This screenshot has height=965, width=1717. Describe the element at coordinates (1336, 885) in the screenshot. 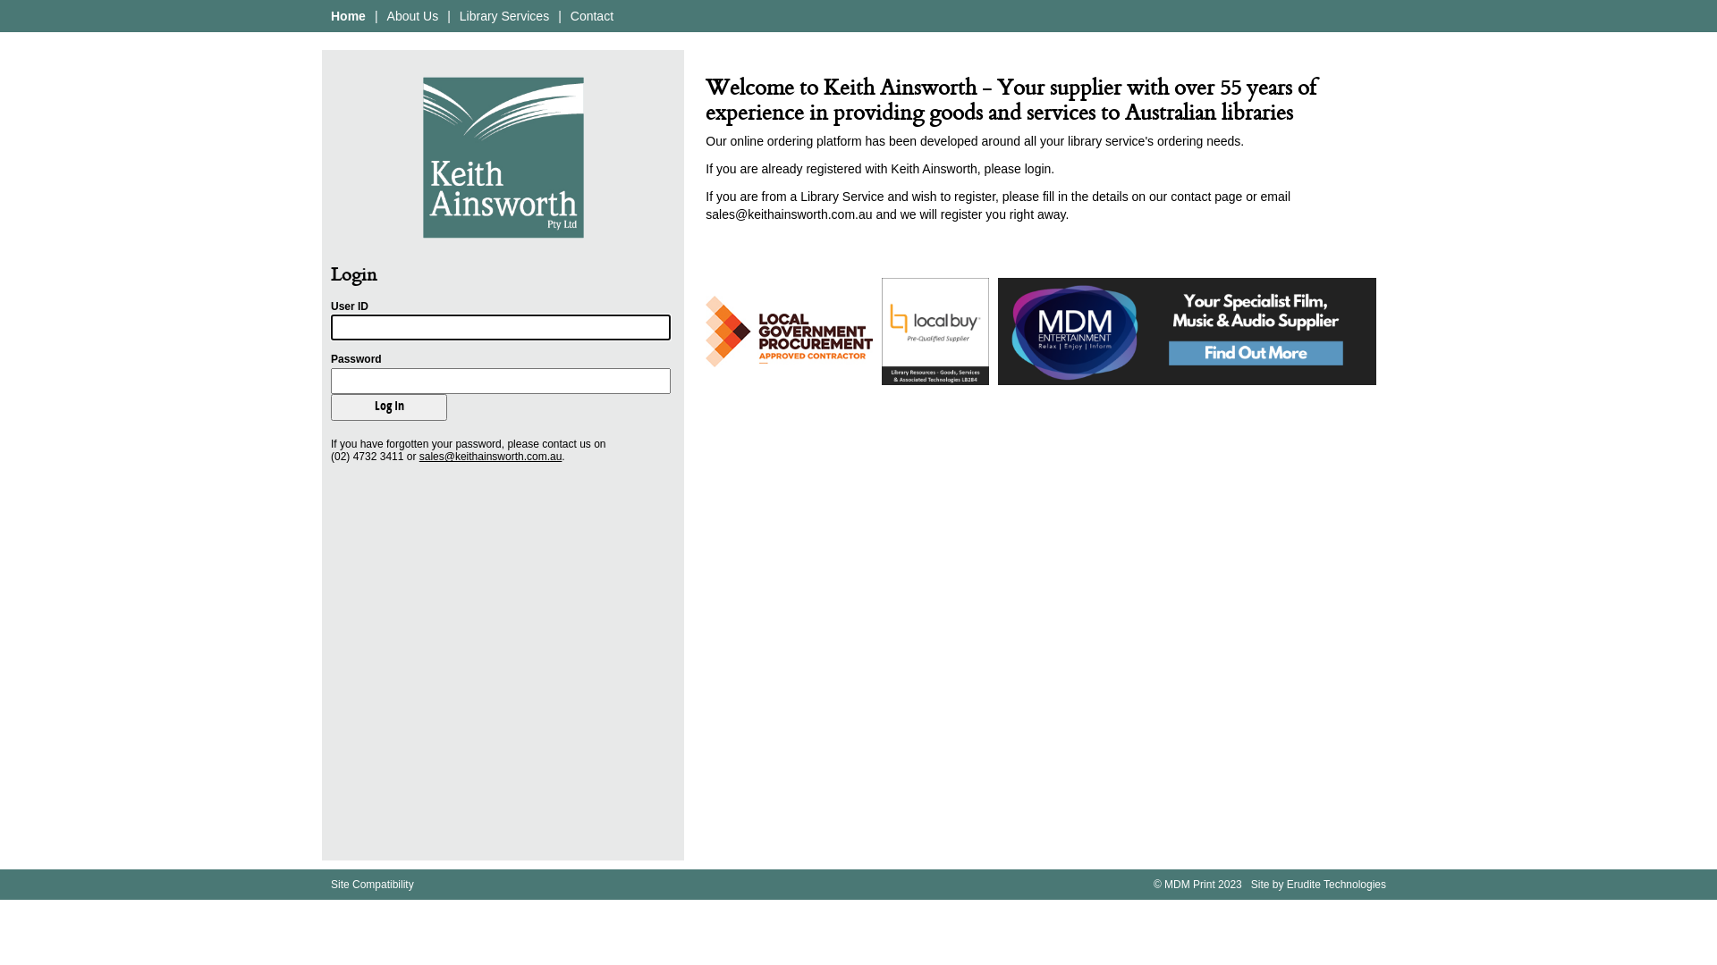

I see `'Erudite Technologies'` at that location.